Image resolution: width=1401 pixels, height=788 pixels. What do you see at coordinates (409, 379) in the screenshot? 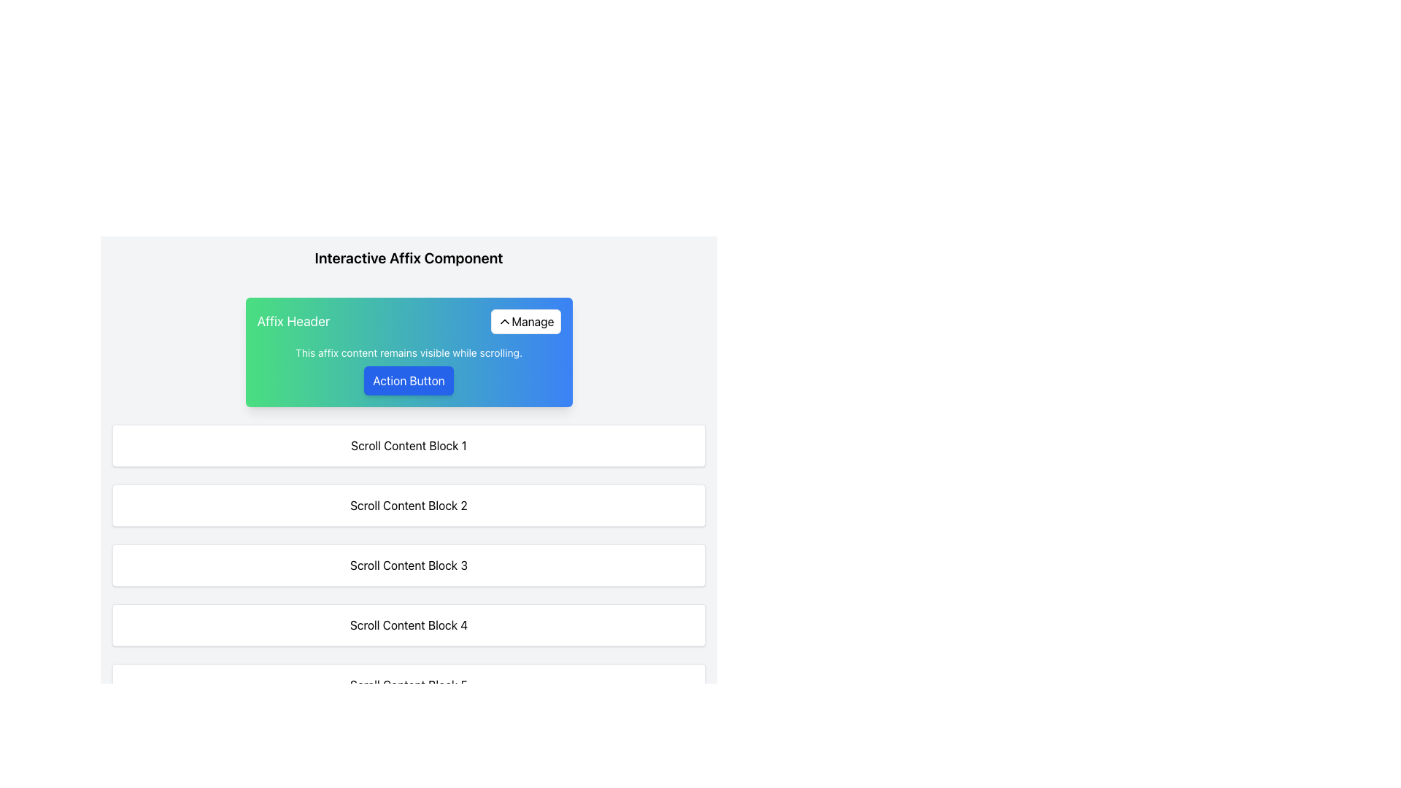
I see `the blue rectangular button labeled 'Action Button' located near the lower edge of the gradient-colored affix header` at bounding box center [409, 379].